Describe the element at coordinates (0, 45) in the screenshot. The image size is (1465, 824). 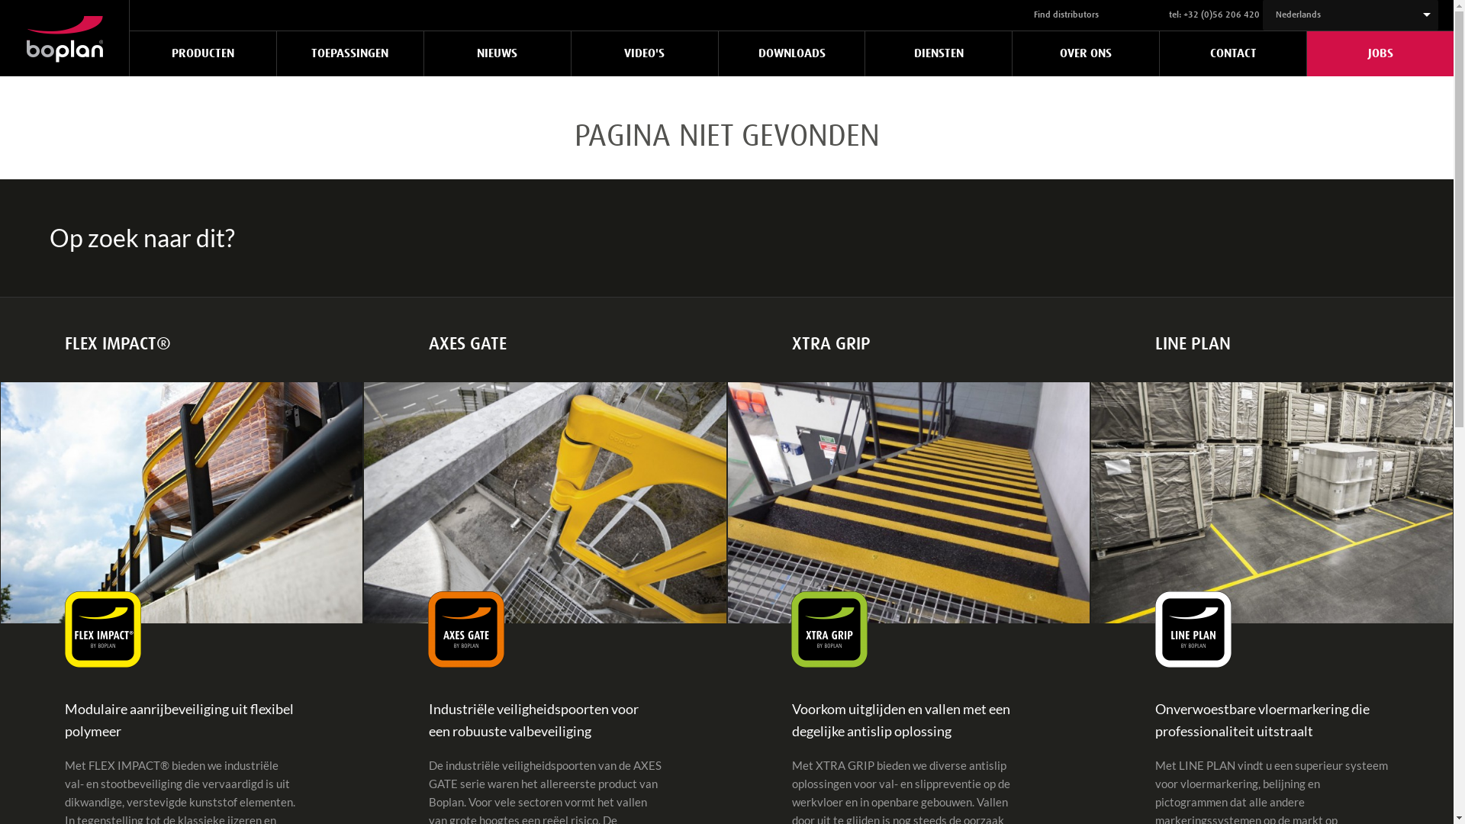
I see `'Home'` at that location.